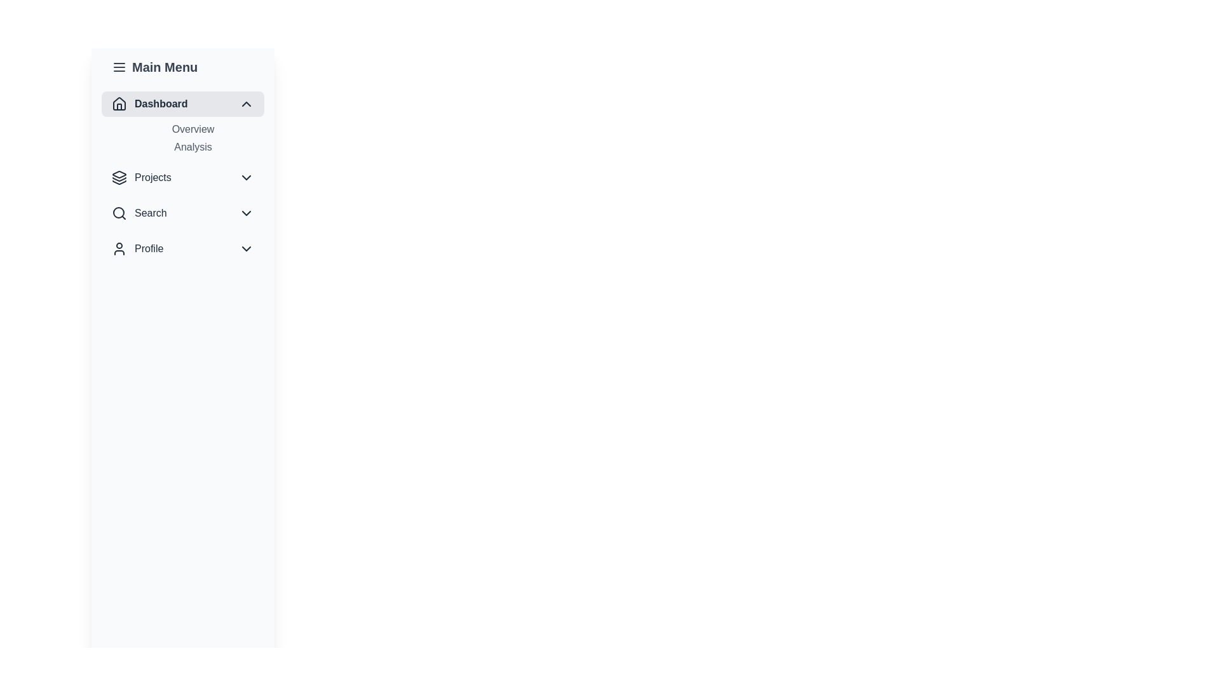 This screenshot has width=1220, height=686. I want to click on the Navigation link with text and icon, located in the left-hand vertical navigation menu, positioned between 'Projects' and 'Profile', so click(139, 212).